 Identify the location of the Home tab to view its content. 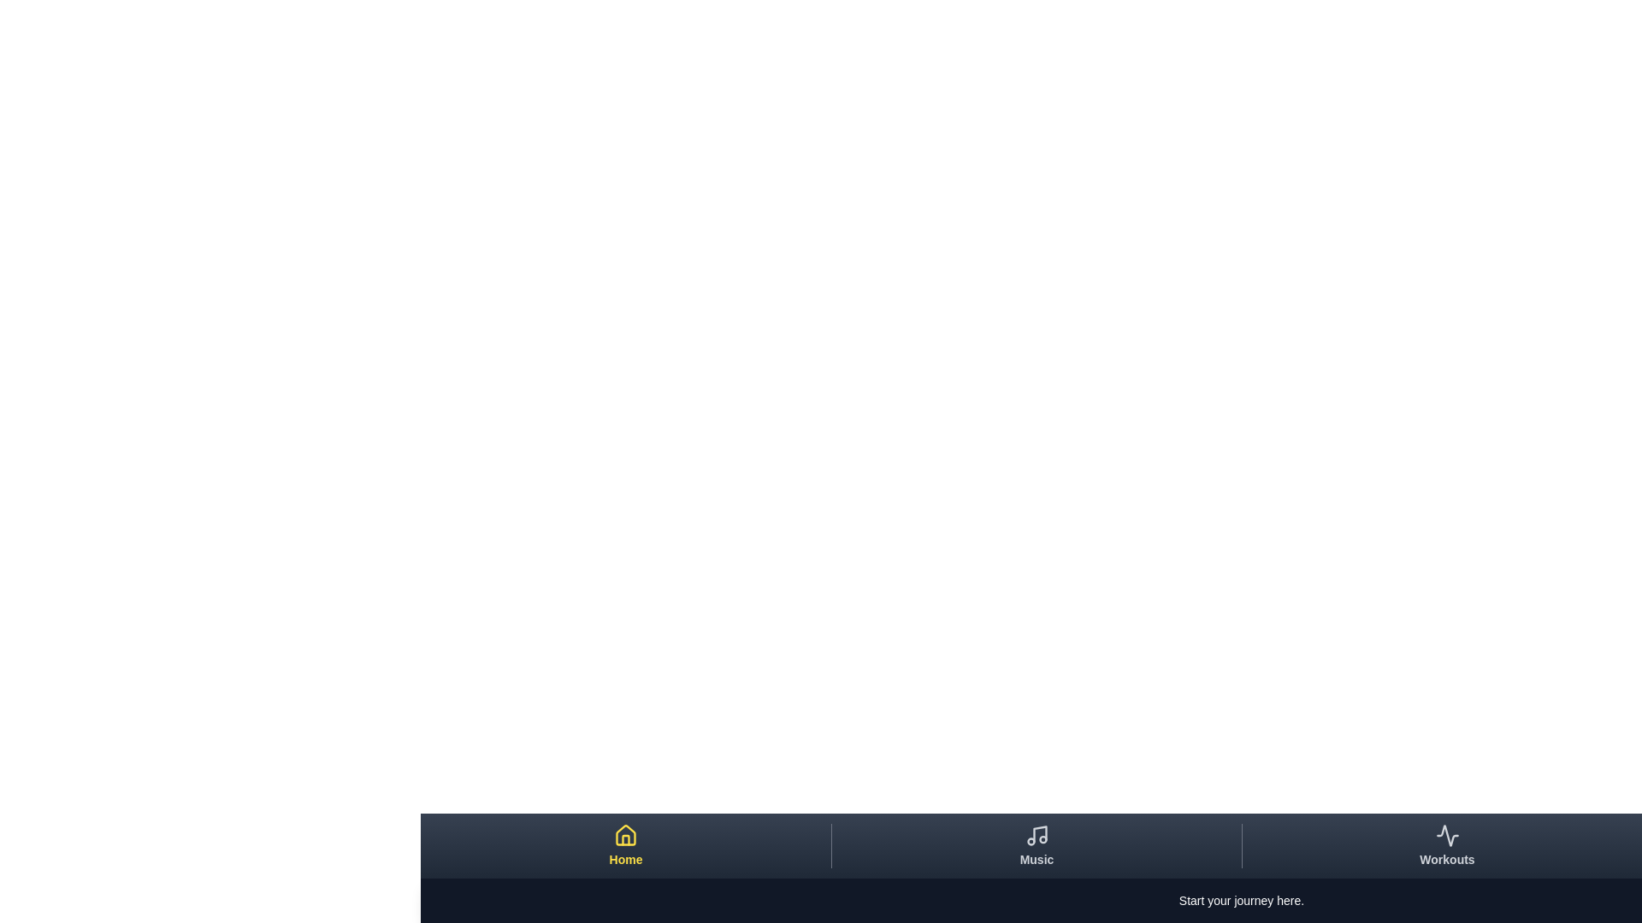
(624, 846).